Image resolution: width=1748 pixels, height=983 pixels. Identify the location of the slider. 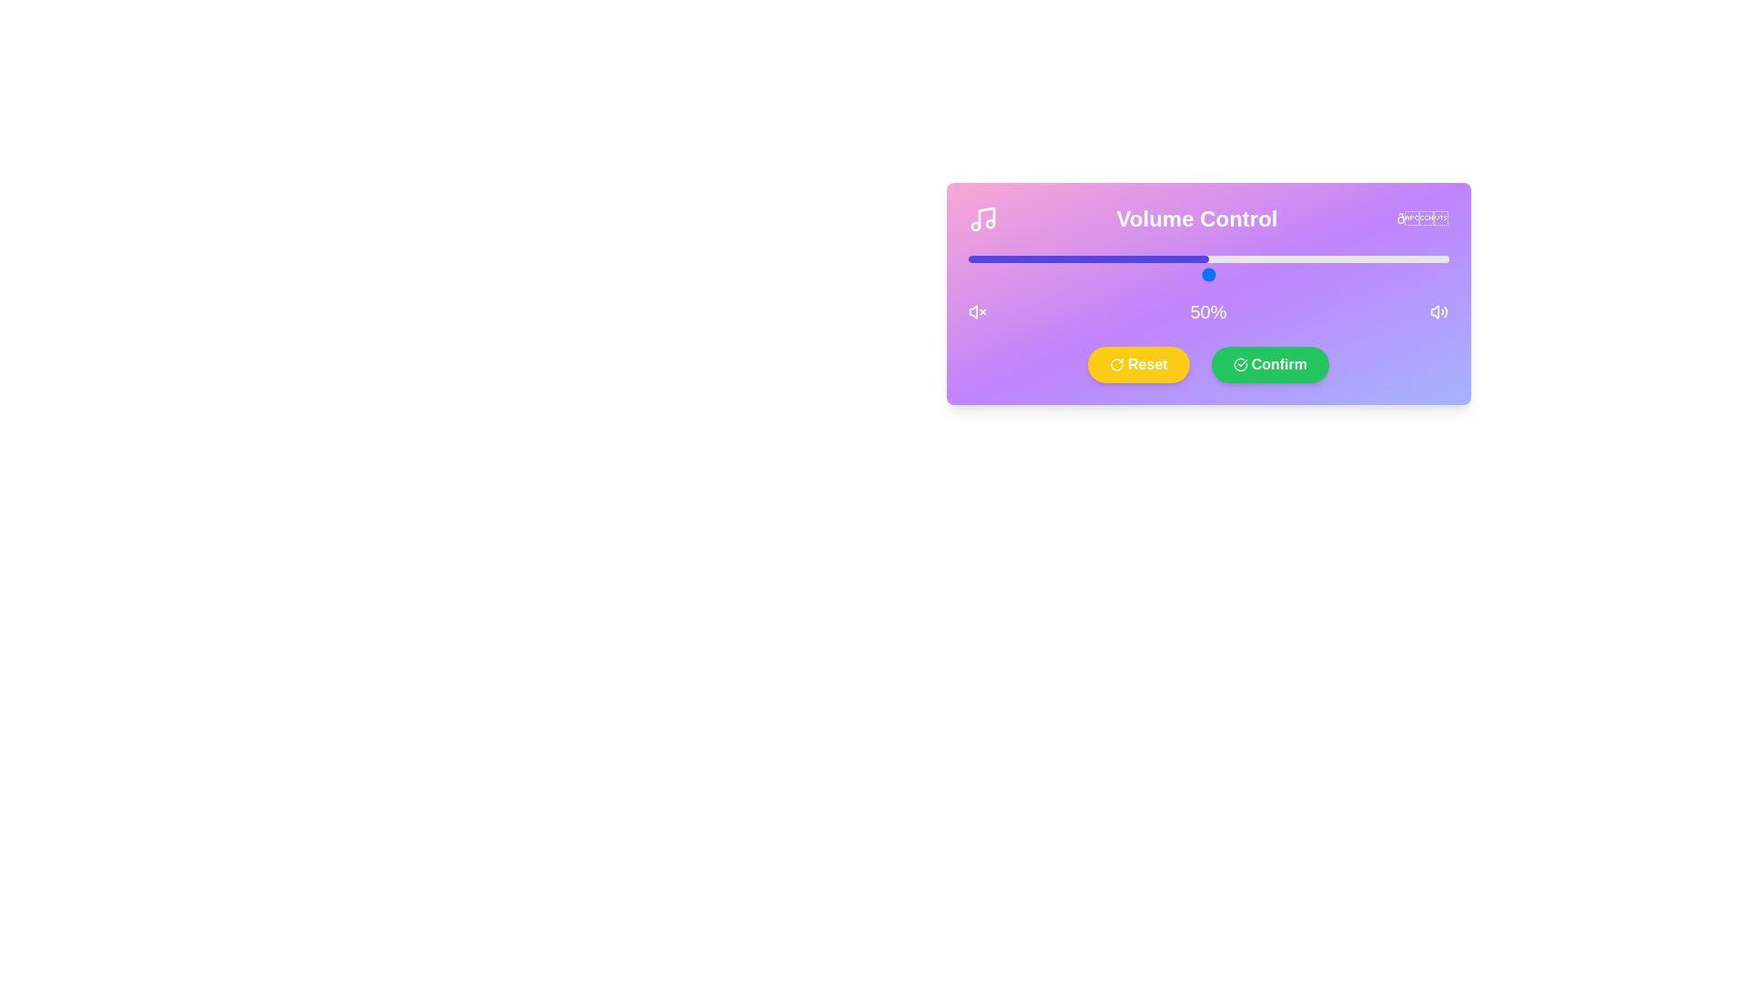
(1079, 274).